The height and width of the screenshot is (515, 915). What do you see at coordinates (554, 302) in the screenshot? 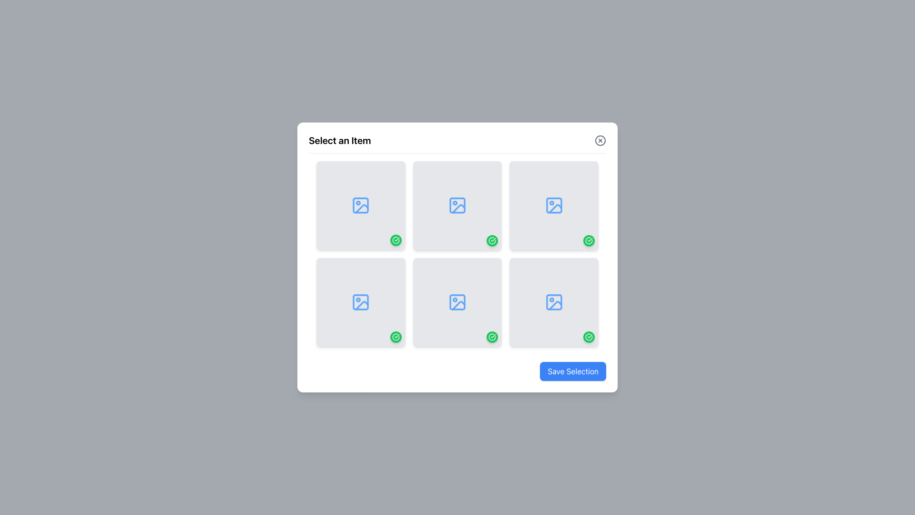
I see `the top-left rectangle element representing the border of the icon in the sixth box of a 3x2 grid layout` at bounding box center [554, 302].